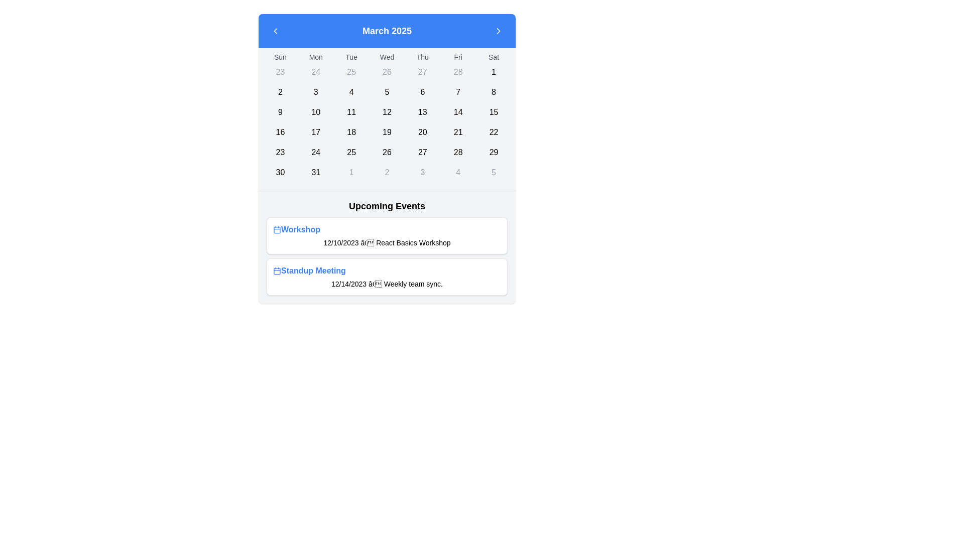 This screenshot has height=542, width=964. What do you see at coordinates (315, 172) in the screenshot?
I see `the button representing the selectable date 'Monday, 31st' in the calendar grid` at bounding box center [315, 172].